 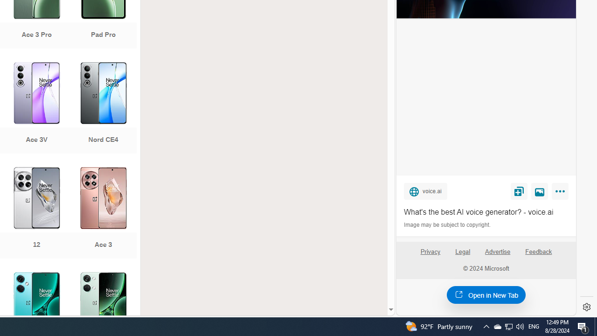 I want to click on 'Open in New Tab', so click(x=486, y=294).